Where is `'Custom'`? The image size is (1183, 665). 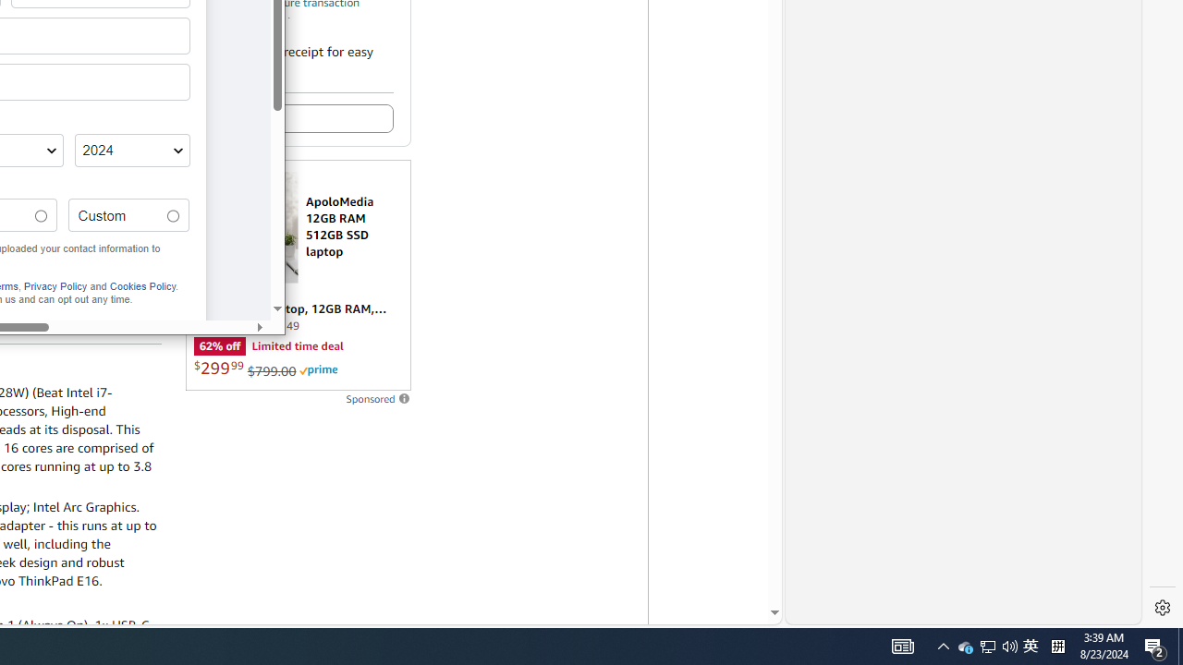
'Custom' is located at coordinates (173, 215).